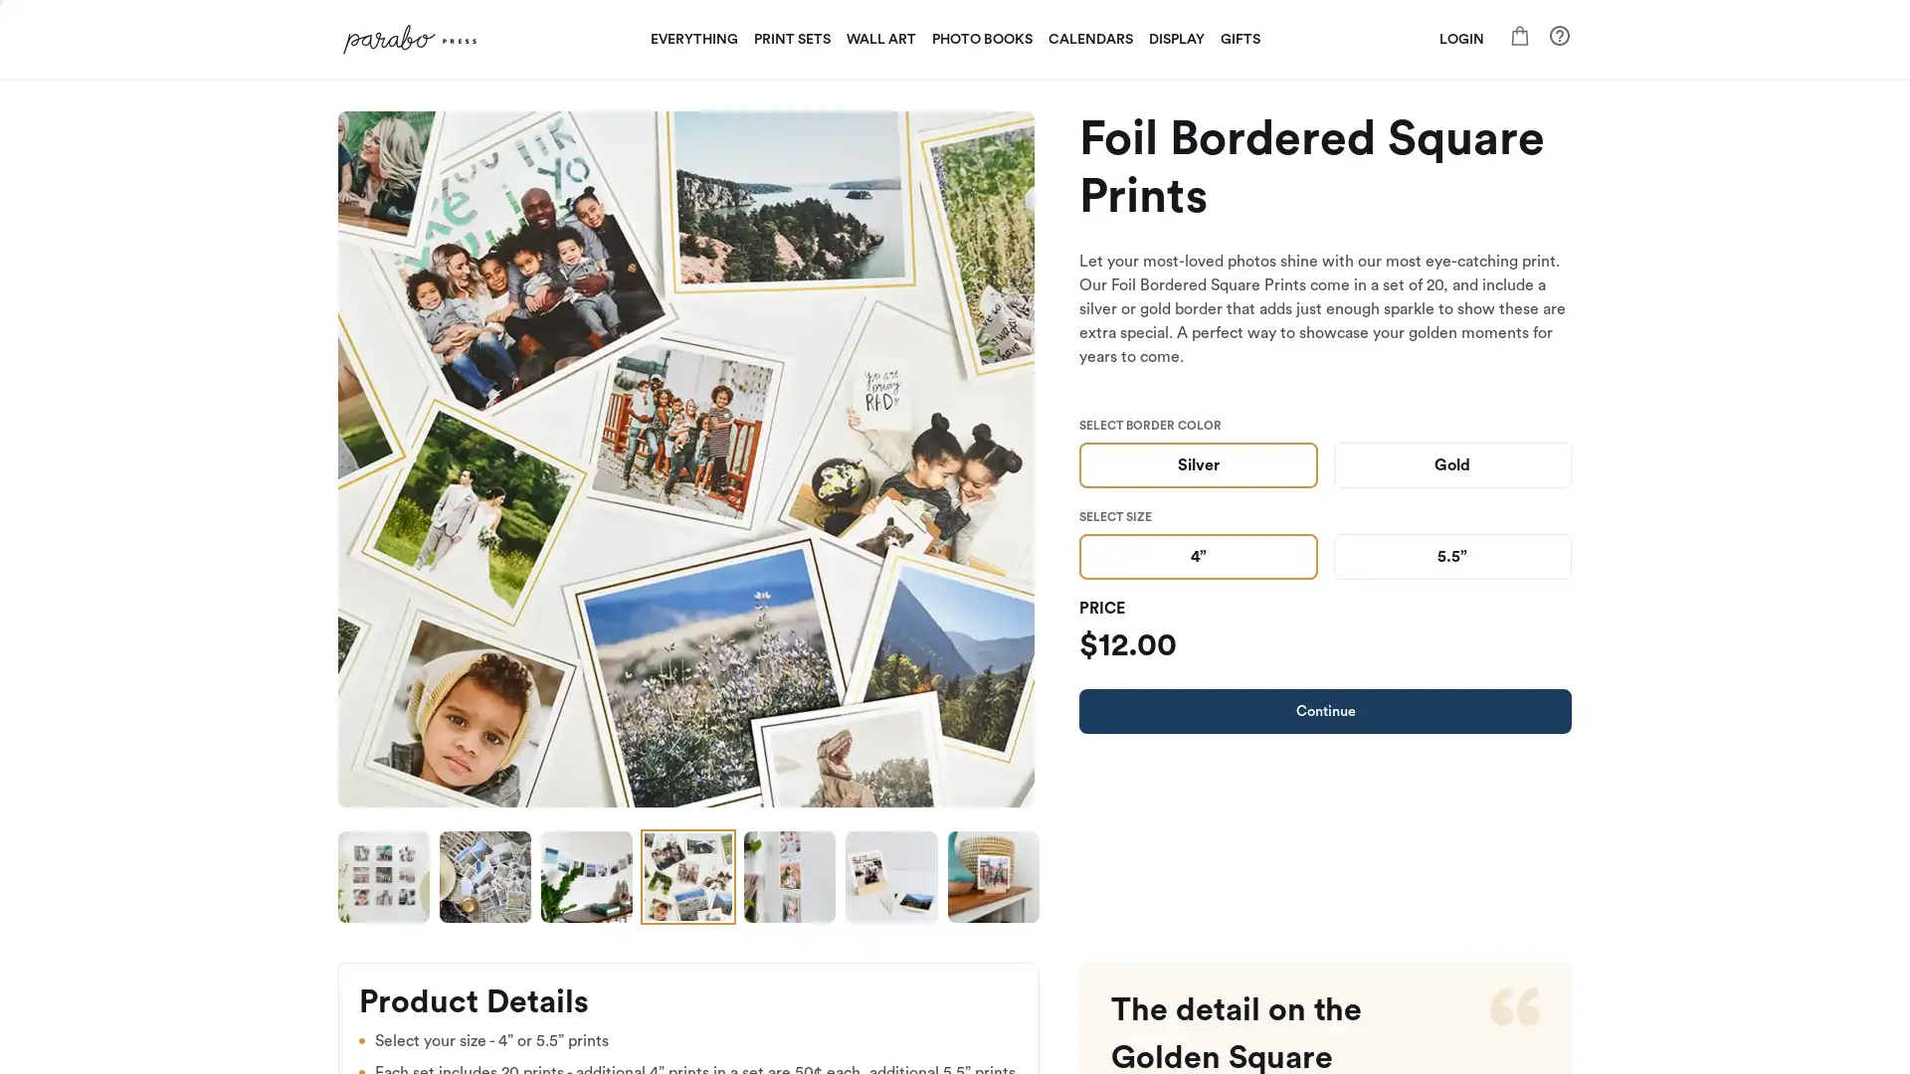 This screenshot has height=1074, width=1910. What do you see at coordinates (687, 876) in the screenshot?
I see `slide dot` at bounding box center [687, 876].